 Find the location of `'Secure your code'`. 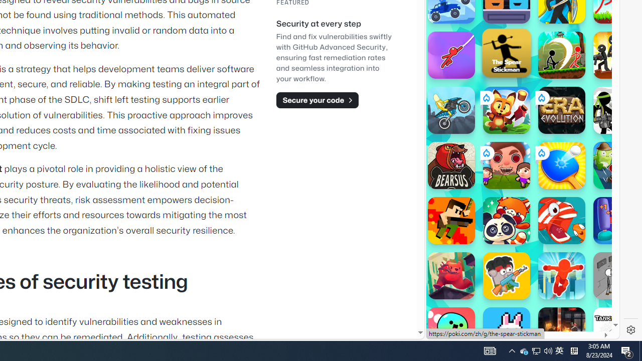

'Secure your code' is located at coordinates (316, 100).